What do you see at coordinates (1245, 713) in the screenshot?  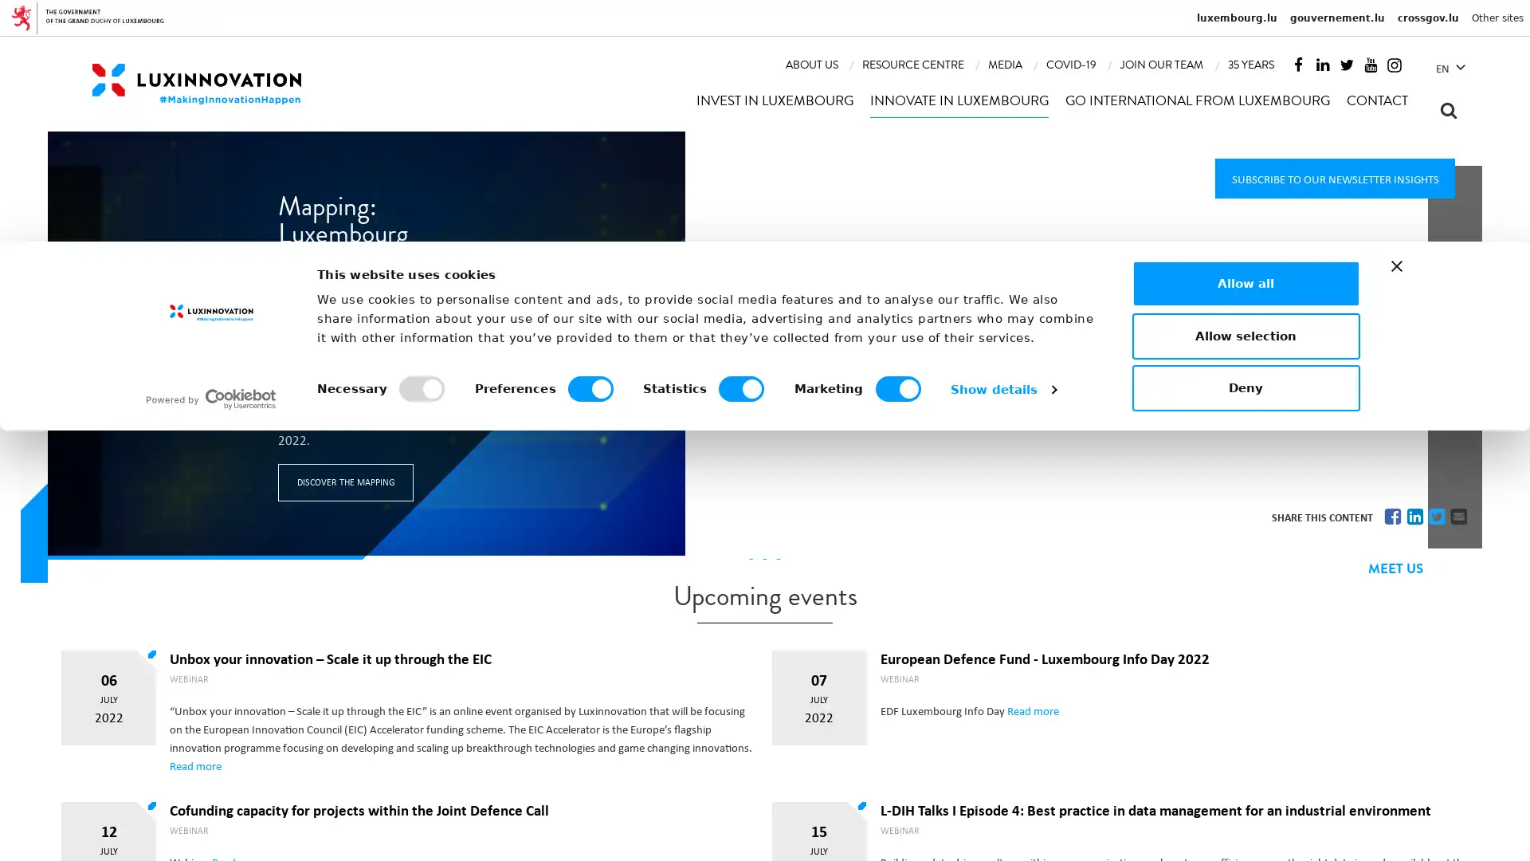 I see `Allow all` at bounding box center [1245, 713].